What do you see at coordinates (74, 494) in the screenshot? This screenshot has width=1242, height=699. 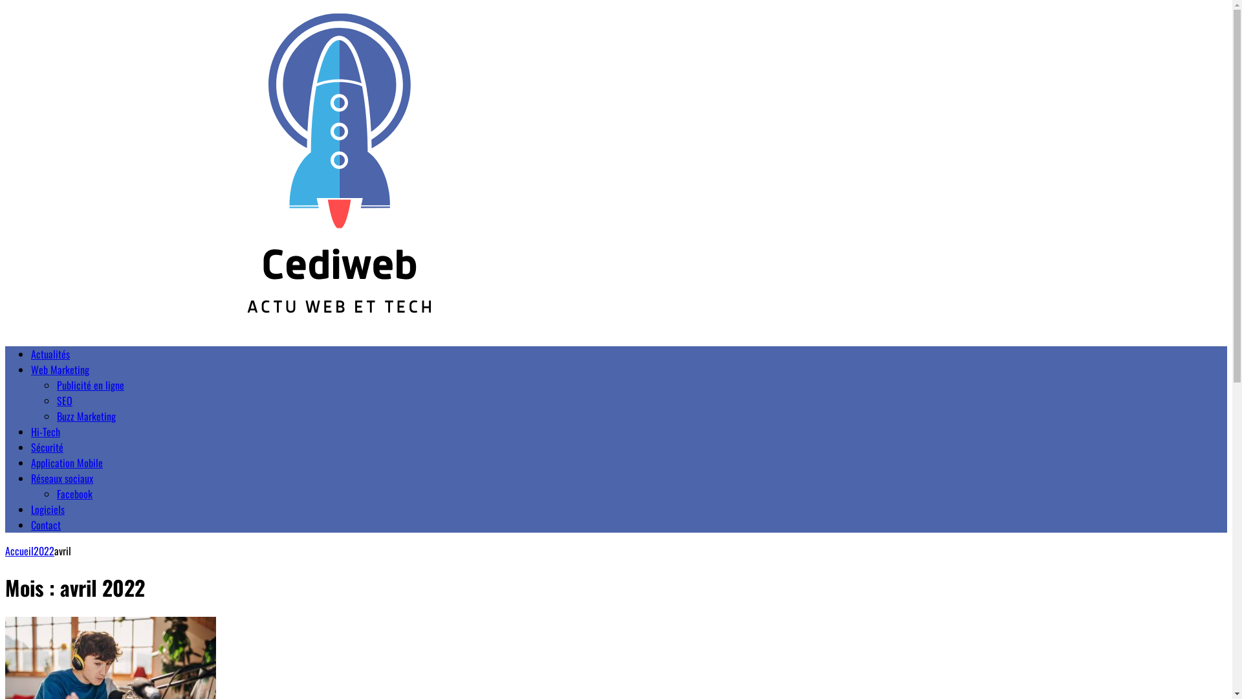 I see `'Facebook'` at bounding box center [74, 494].